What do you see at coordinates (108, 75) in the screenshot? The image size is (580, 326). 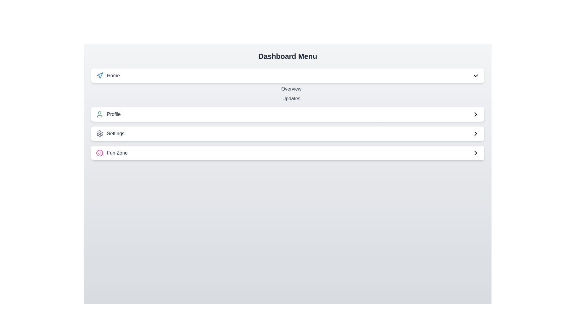 I see `the 'Home' navigation element, which consists of a left navigation arrow icon and the text 'Home'` at bounding box center [108, 75].